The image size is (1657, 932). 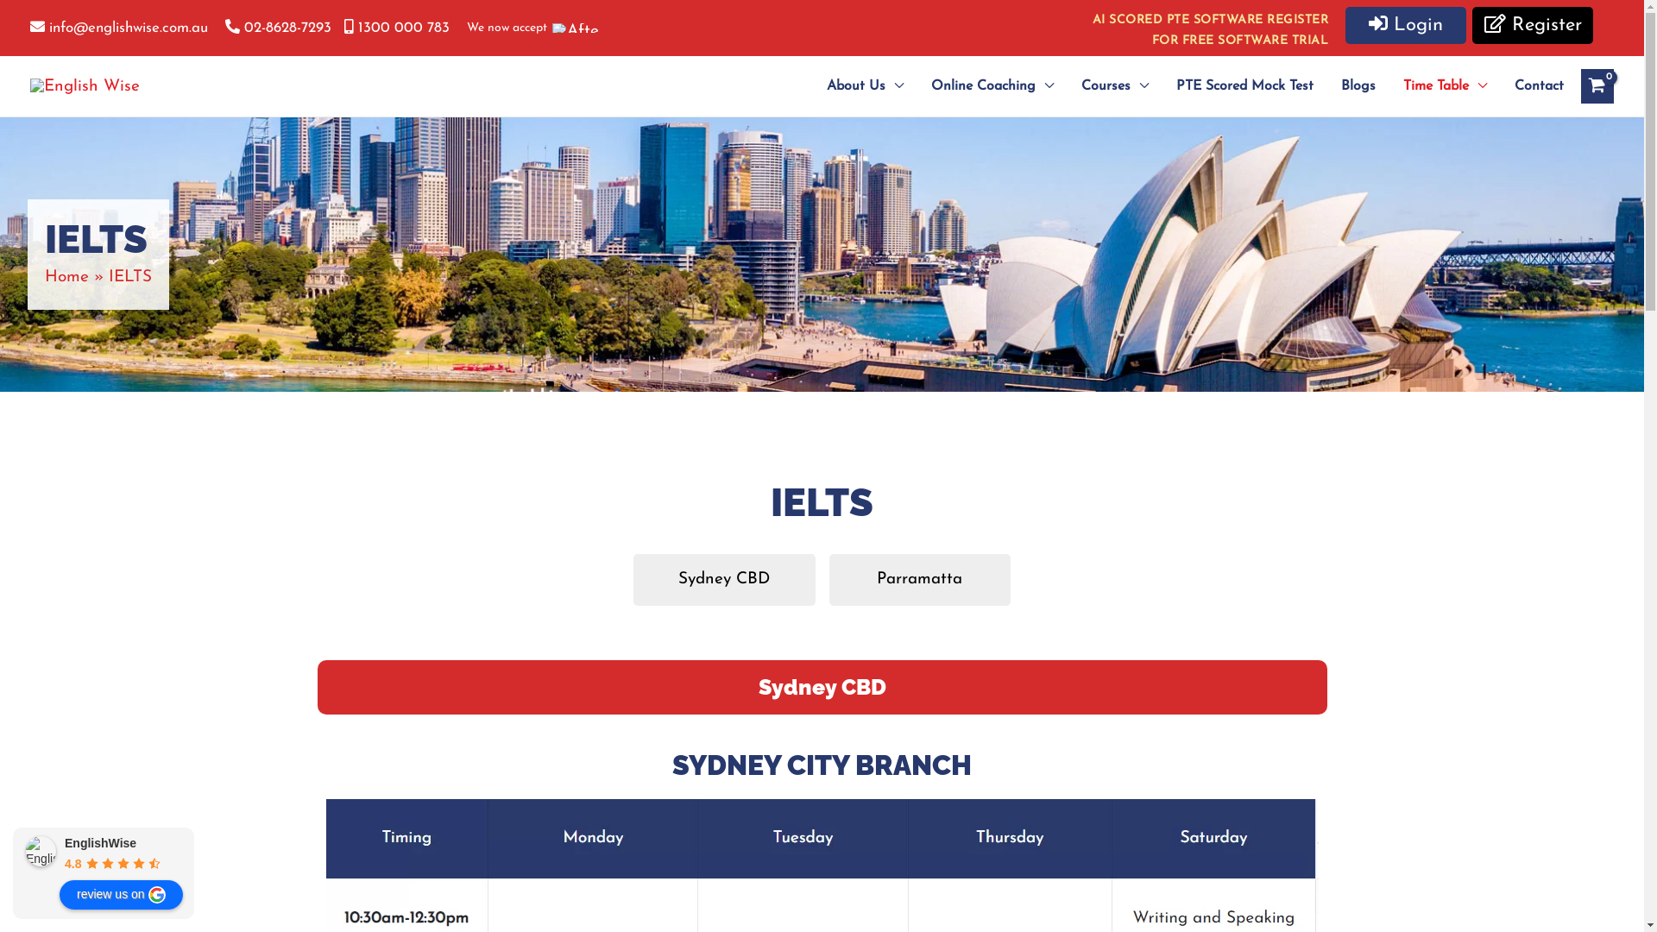 I want to click on 'Sydney CBD', so click(x=724, y=579).